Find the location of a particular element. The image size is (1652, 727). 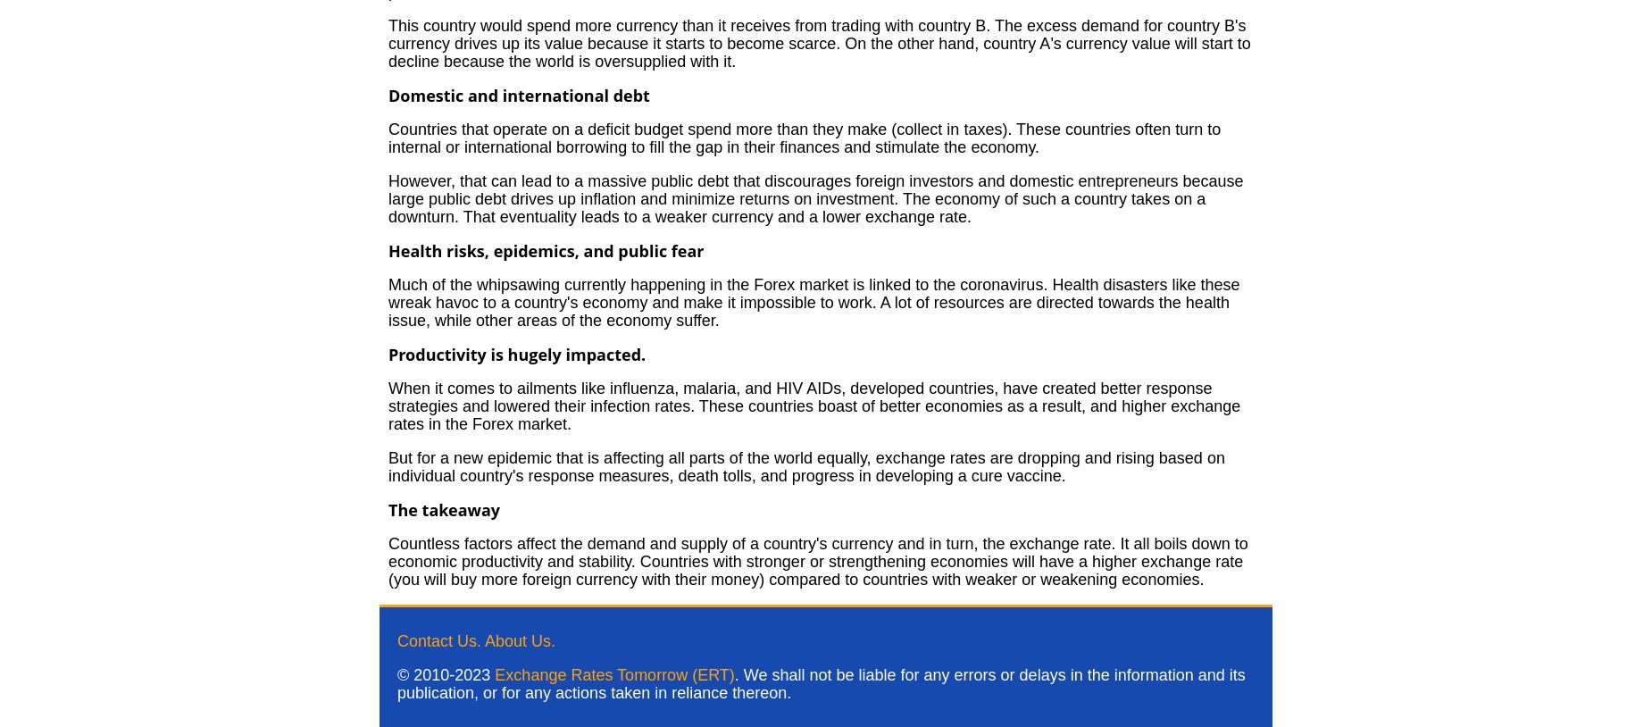

'Much of the whipsawing currently happening in the Forex market is linked to the coronavirus. Health disasters like these wreak havoc to a country's economy and make it impossible to work. A lot of resources are directed towards the health issue, while other areas of the economy suffer.' is located at coordinates (813, 303).